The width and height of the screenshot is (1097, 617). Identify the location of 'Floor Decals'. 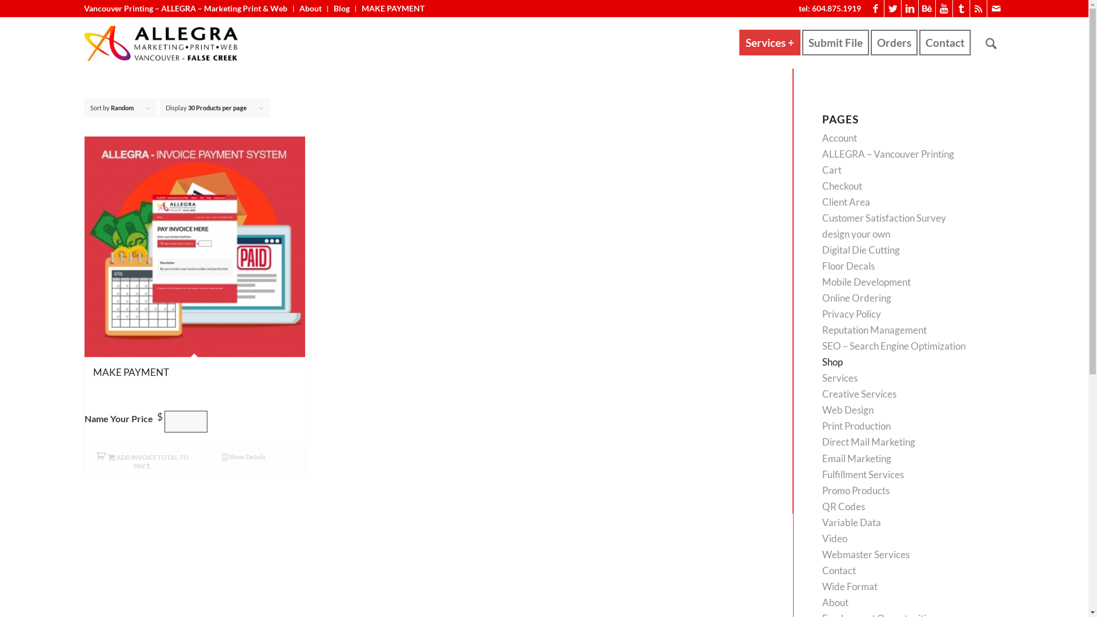
(822, 266).